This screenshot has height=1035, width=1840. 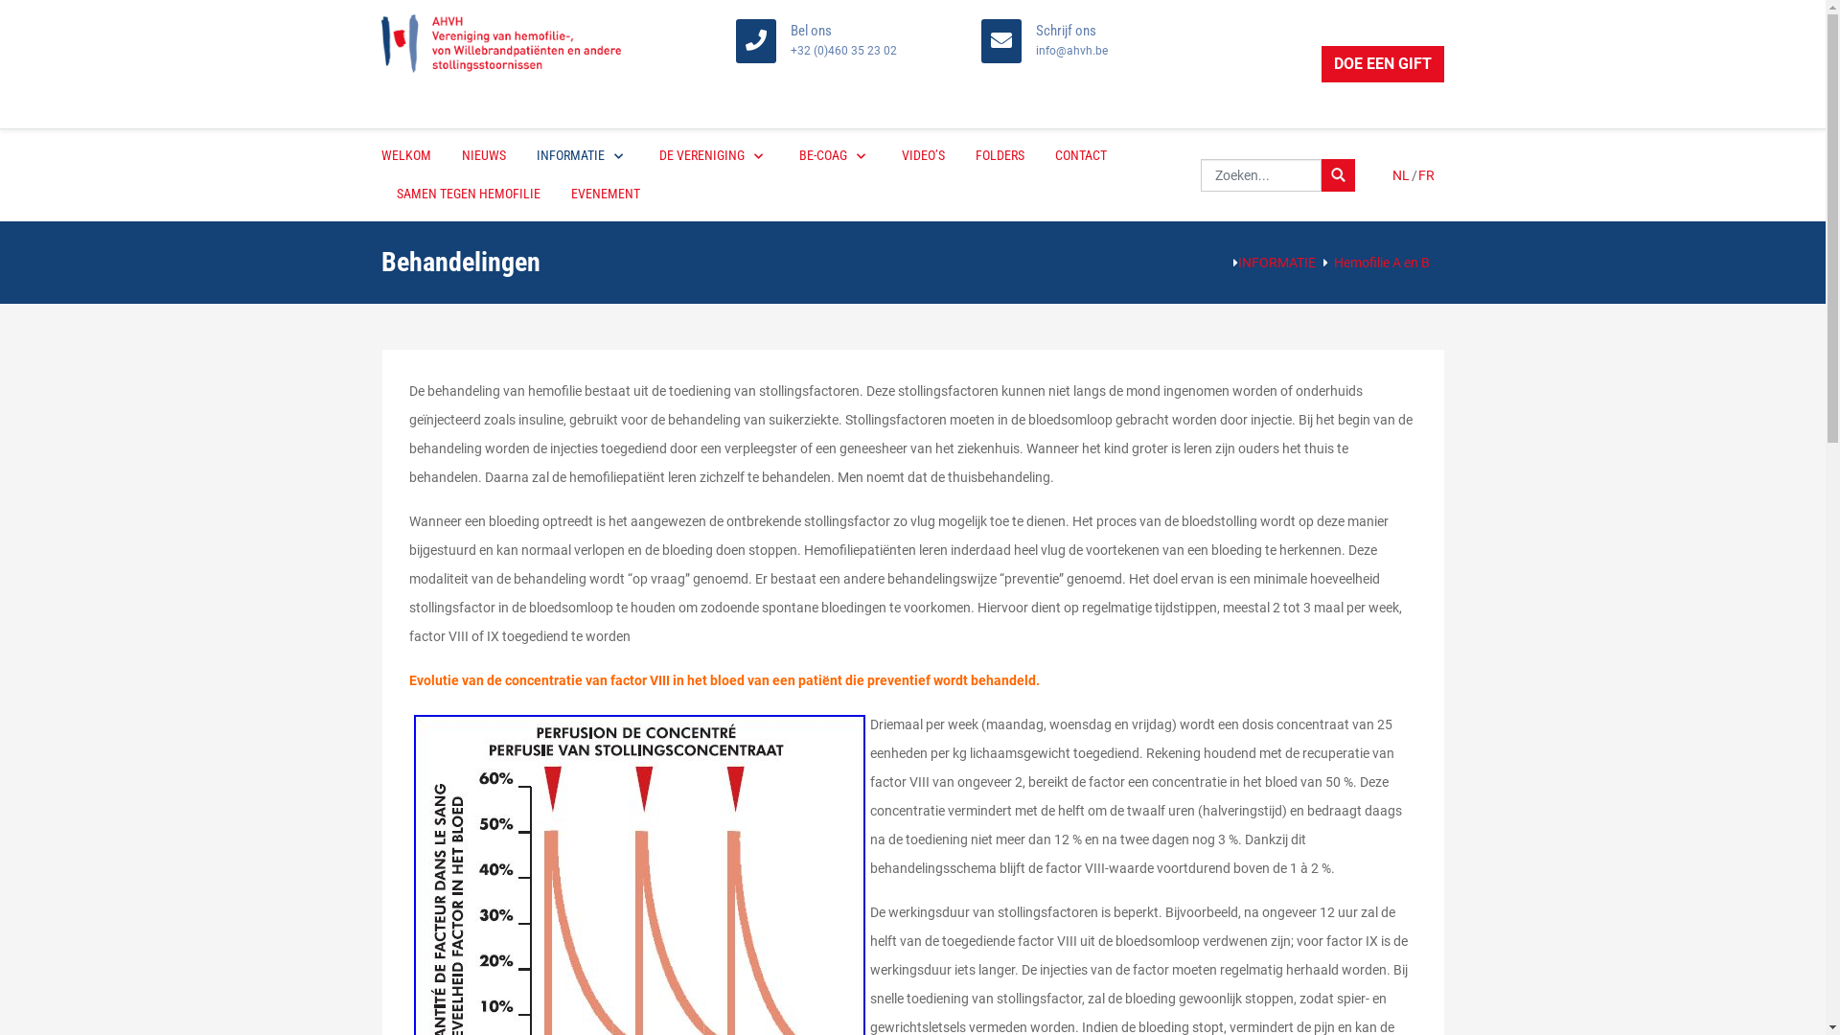 I want to click on 'INFORMATIE', so click(x=520, y=154).